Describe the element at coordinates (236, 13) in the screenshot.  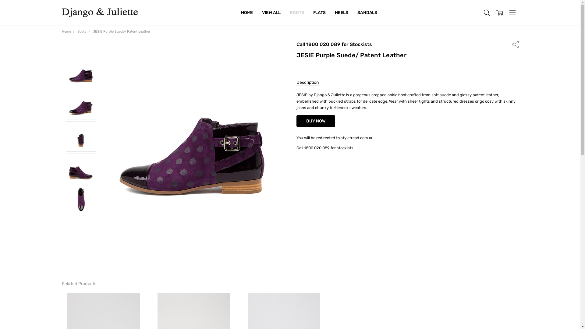
I see `'SHOP OUR INSTAGRAM'` at that location.